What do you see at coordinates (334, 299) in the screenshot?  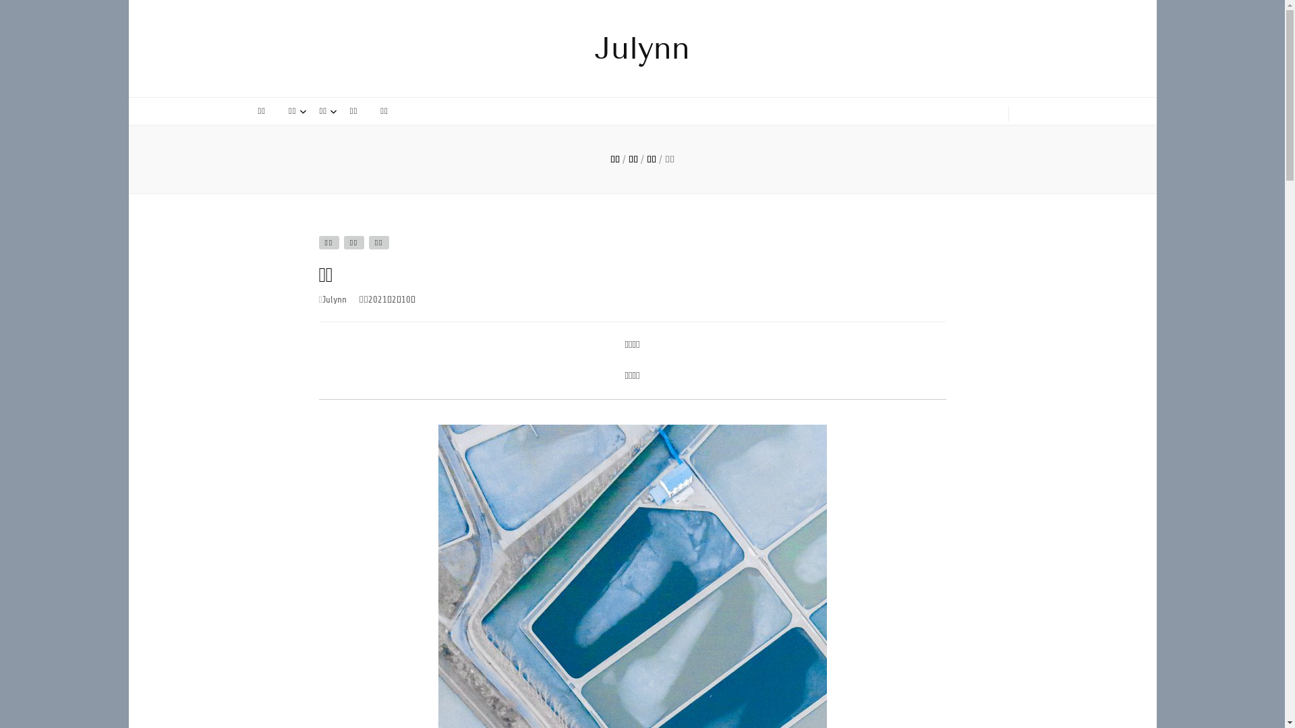 I see `'Julynn'` at bounding box center [334, 299].